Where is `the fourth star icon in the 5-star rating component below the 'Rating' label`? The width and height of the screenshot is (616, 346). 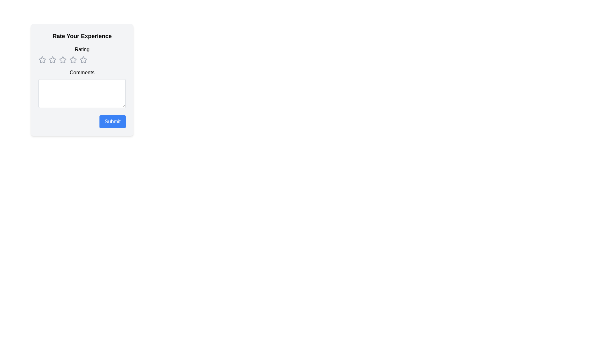
the fourth star icon in the 5-star rating component below the 'Rating' label is located at coordinates (81, 60).